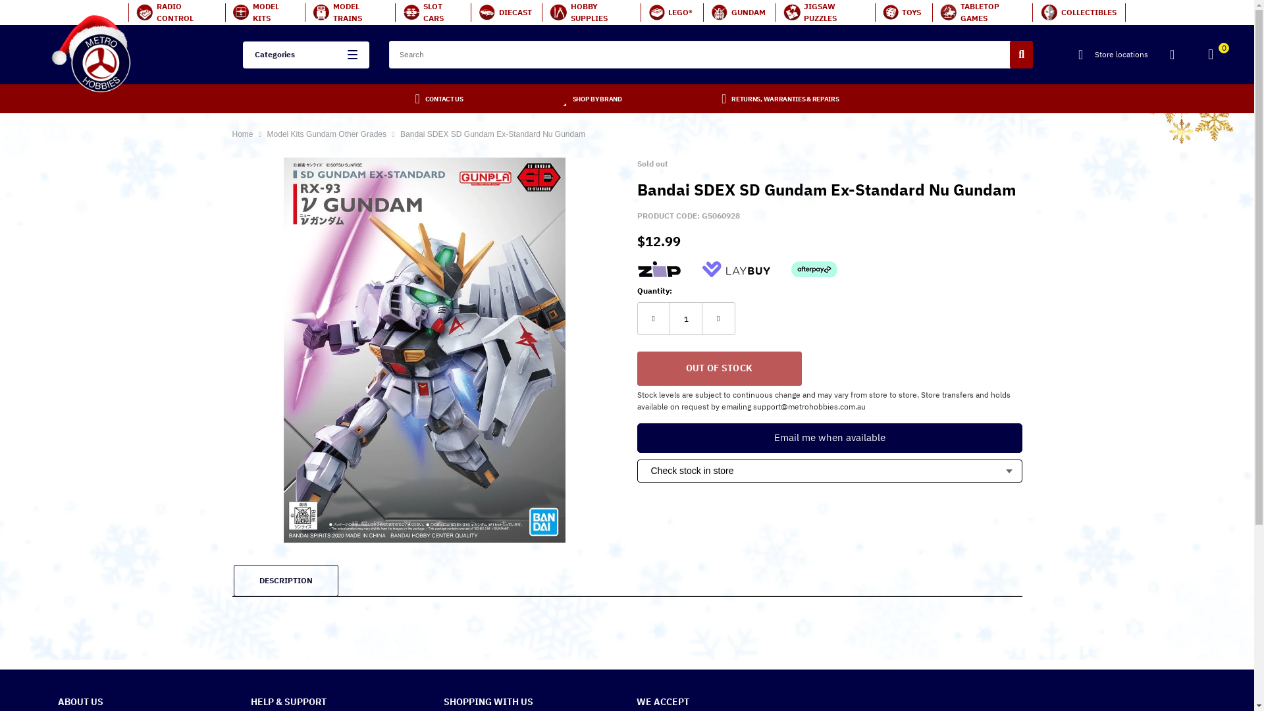 The width and height of the screenshot is (1264, 711). I want to click on 'Store locations', so click(1111, 54).